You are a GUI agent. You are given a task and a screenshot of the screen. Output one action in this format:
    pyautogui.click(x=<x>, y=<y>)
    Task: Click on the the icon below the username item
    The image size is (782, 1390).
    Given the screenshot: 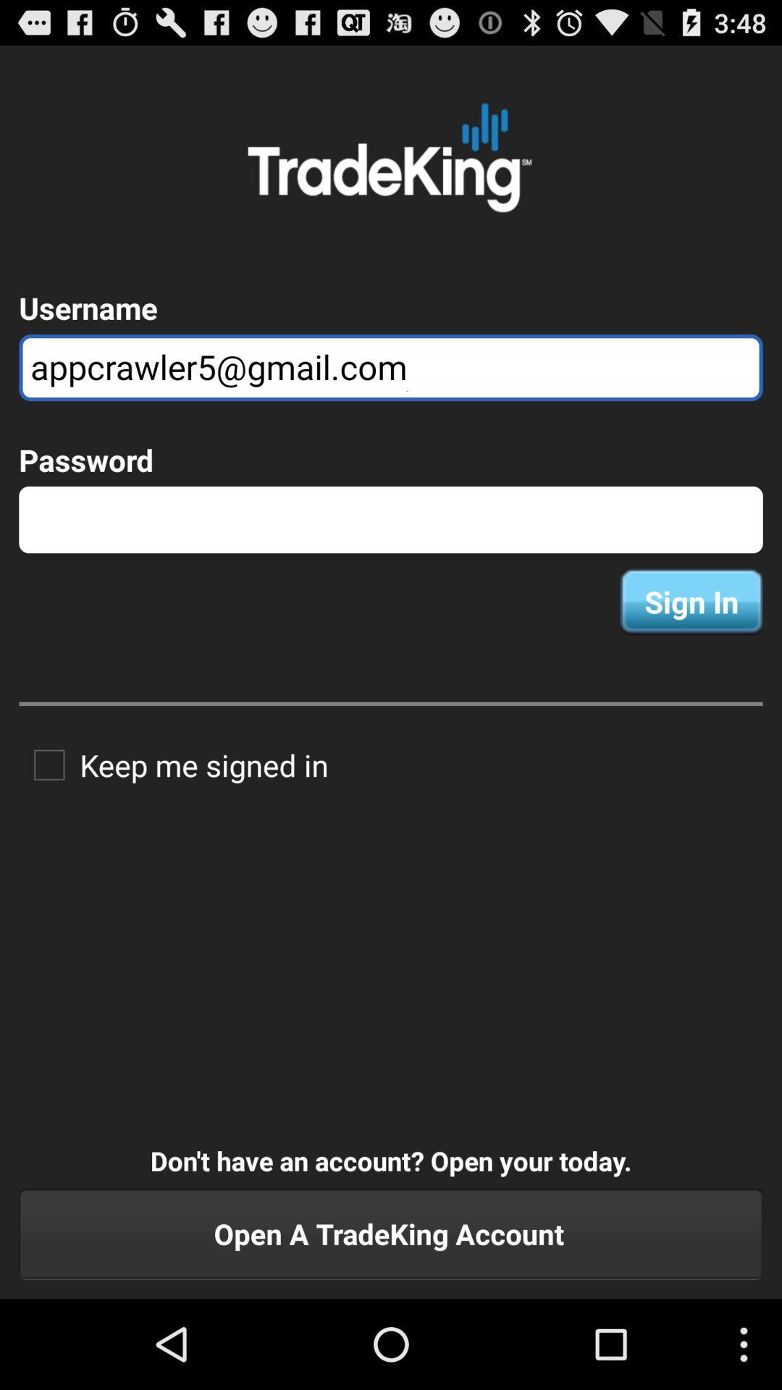 What is the action you would take?
    pyautogui.click(x=391, y=368)
    